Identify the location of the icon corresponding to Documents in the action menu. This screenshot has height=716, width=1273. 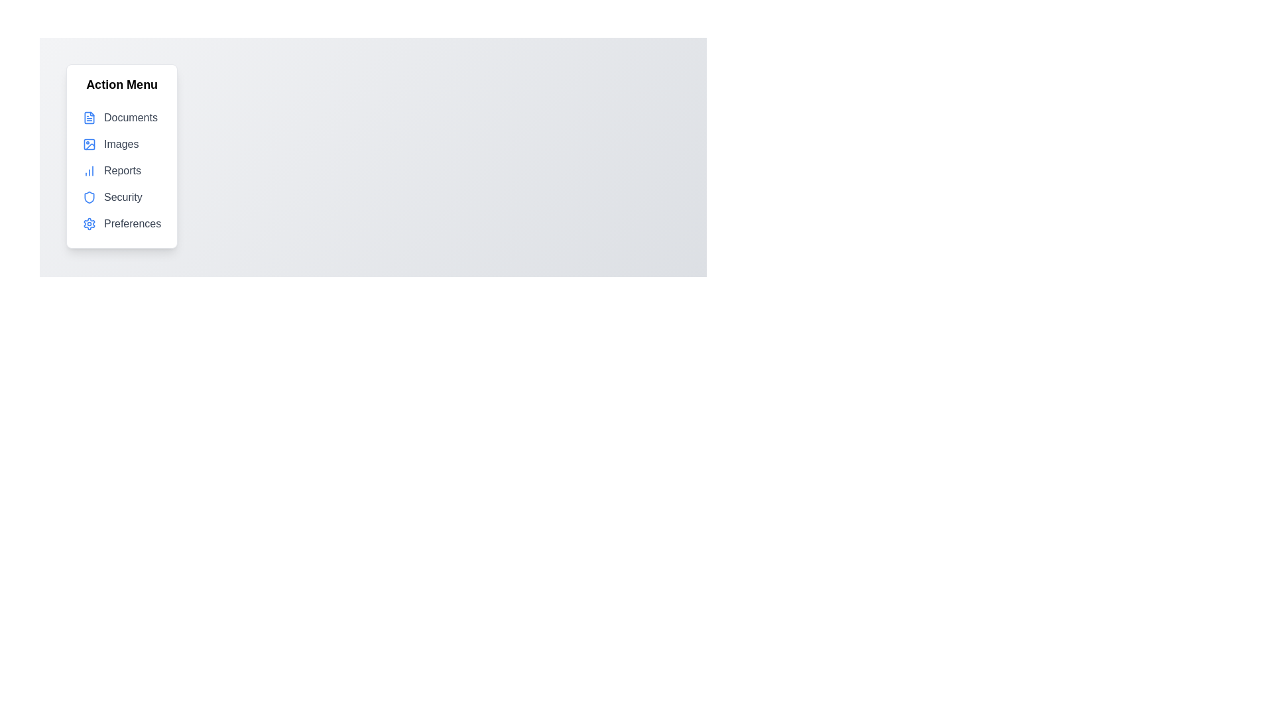
(88, 117).